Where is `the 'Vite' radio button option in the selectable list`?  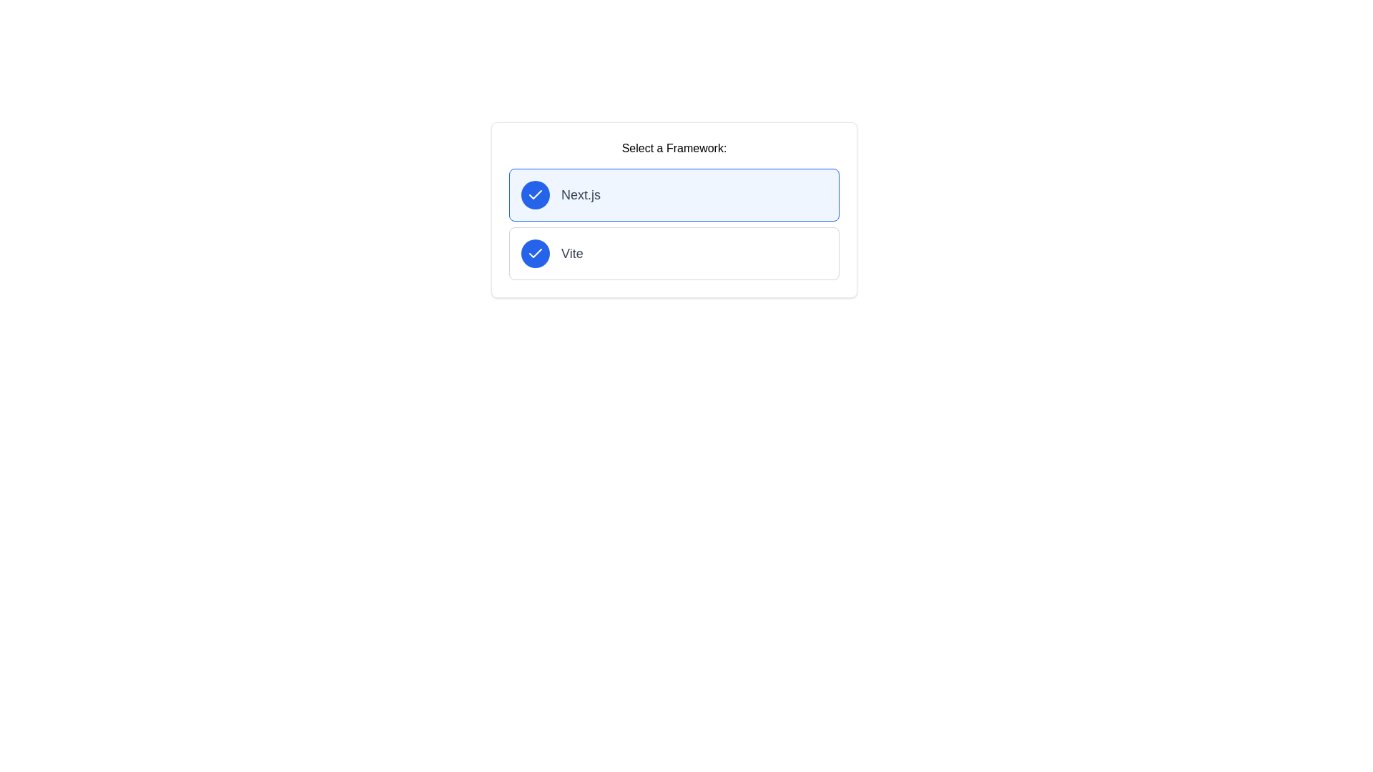
the 'Vite' radio button option in the selectable list is located at coordinates (673, 252).